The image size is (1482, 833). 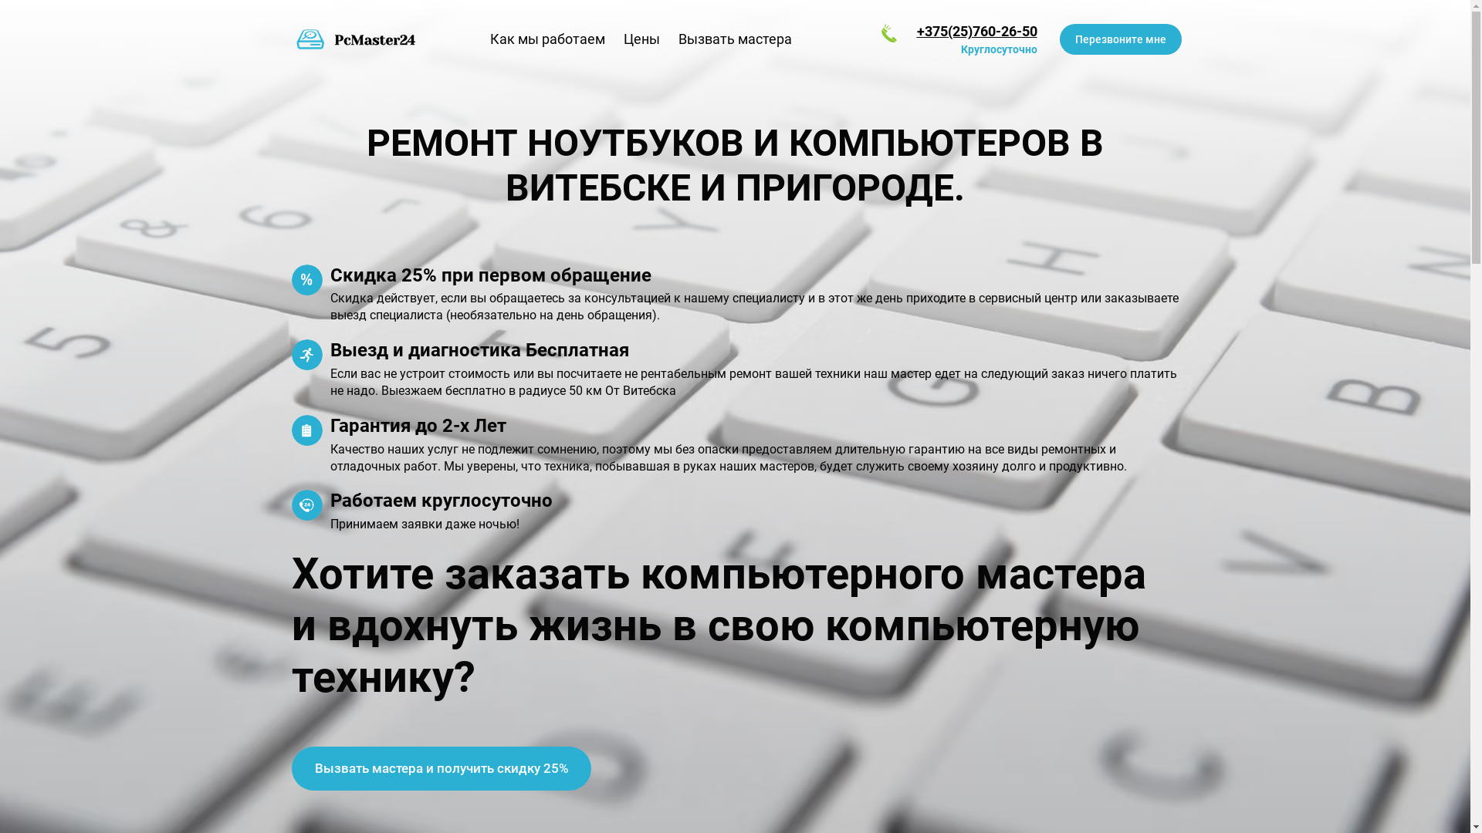 What do you see at coordinates (976, 31) in the screenshot?
I see `'+375(25)760-26-50'` at bounding box center [976, 31].